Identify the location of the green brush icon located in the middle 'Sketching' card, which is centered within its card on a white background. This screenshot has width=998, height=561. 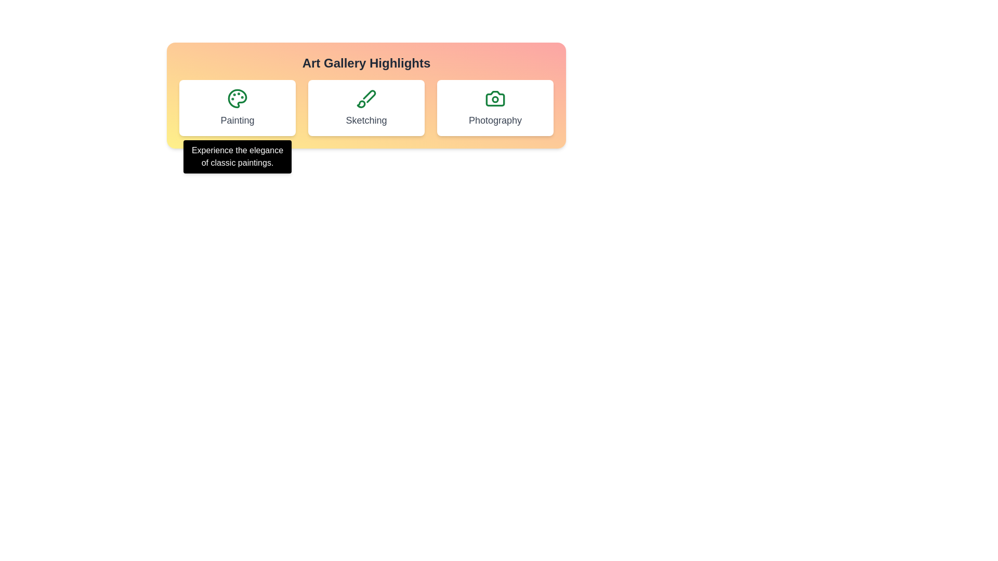
(366, 98).